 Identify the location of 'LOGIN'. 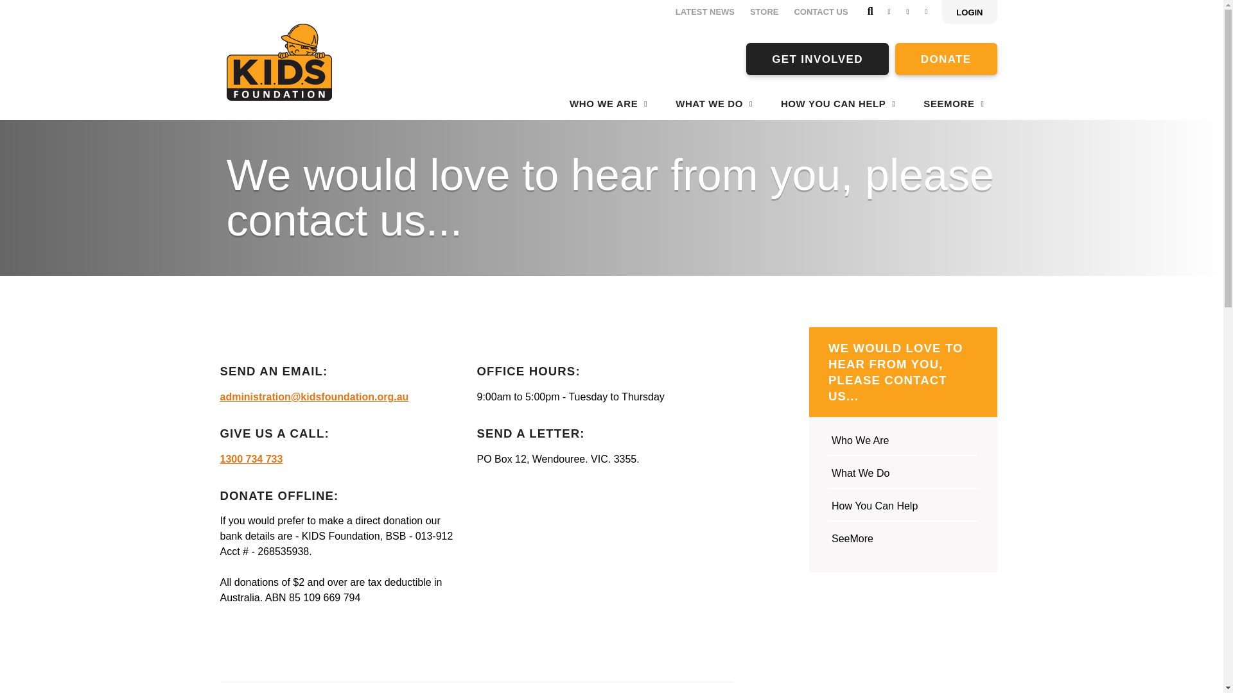
(969, 12).